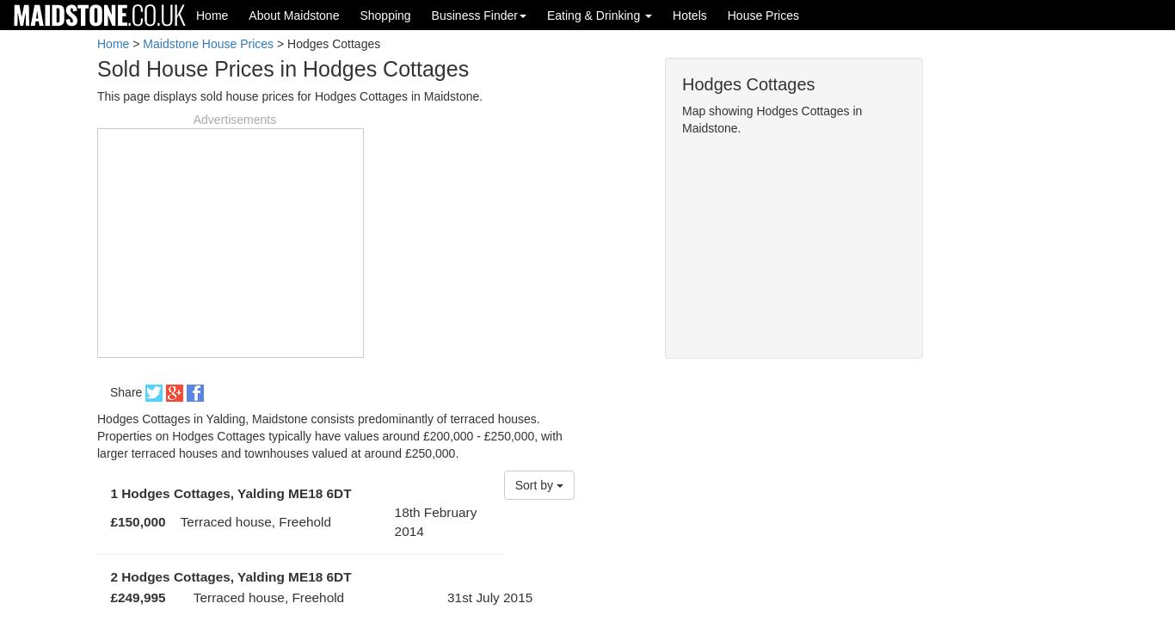  I want to click on '>', so click(135, 43).